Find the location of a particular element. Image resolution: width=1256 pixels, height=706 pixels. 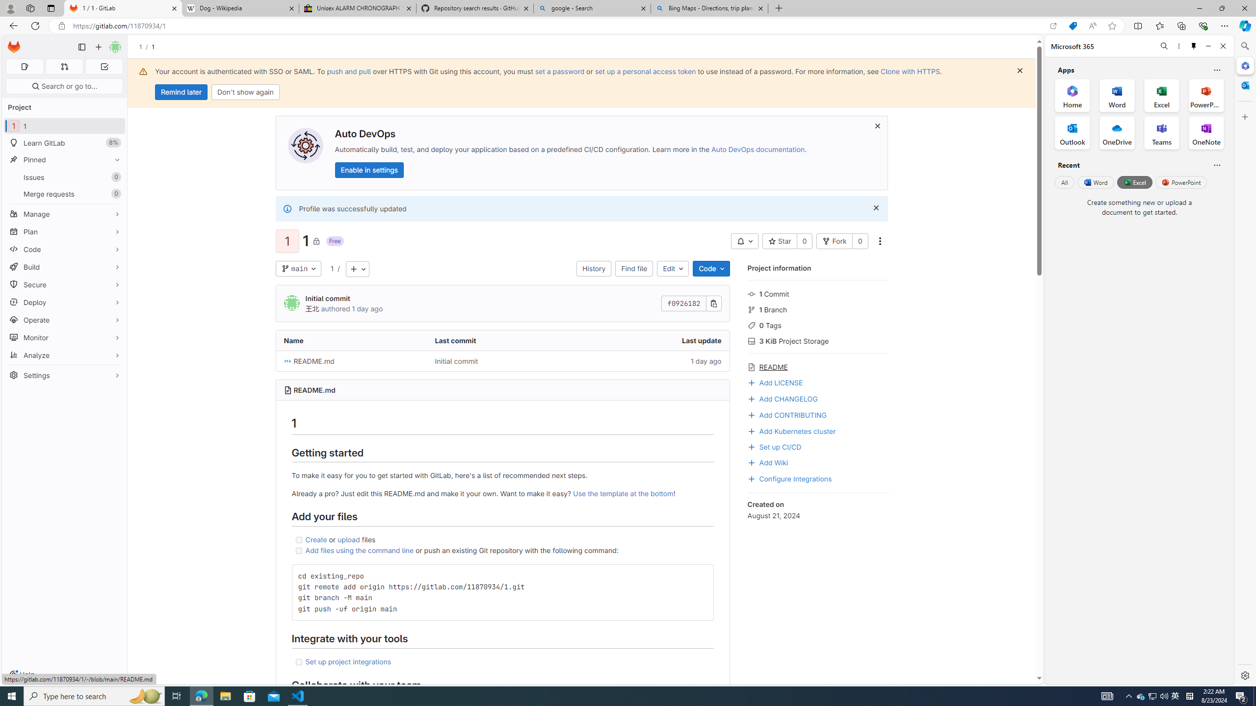

'Configure Integrations' is located at coordinates (788, 477).